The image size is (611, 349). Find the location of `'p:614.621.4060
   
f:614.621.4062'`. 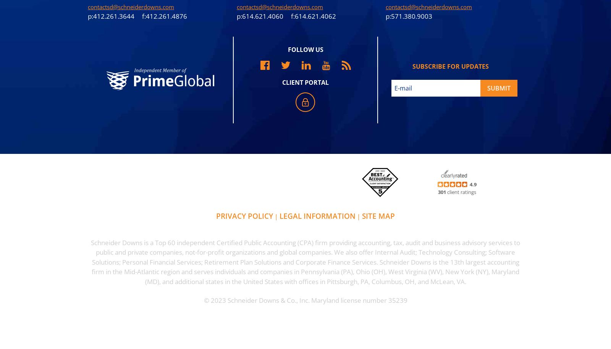

'p:614.621.4060
   
f:614.621.4062' is located at coordinates (237, 16).